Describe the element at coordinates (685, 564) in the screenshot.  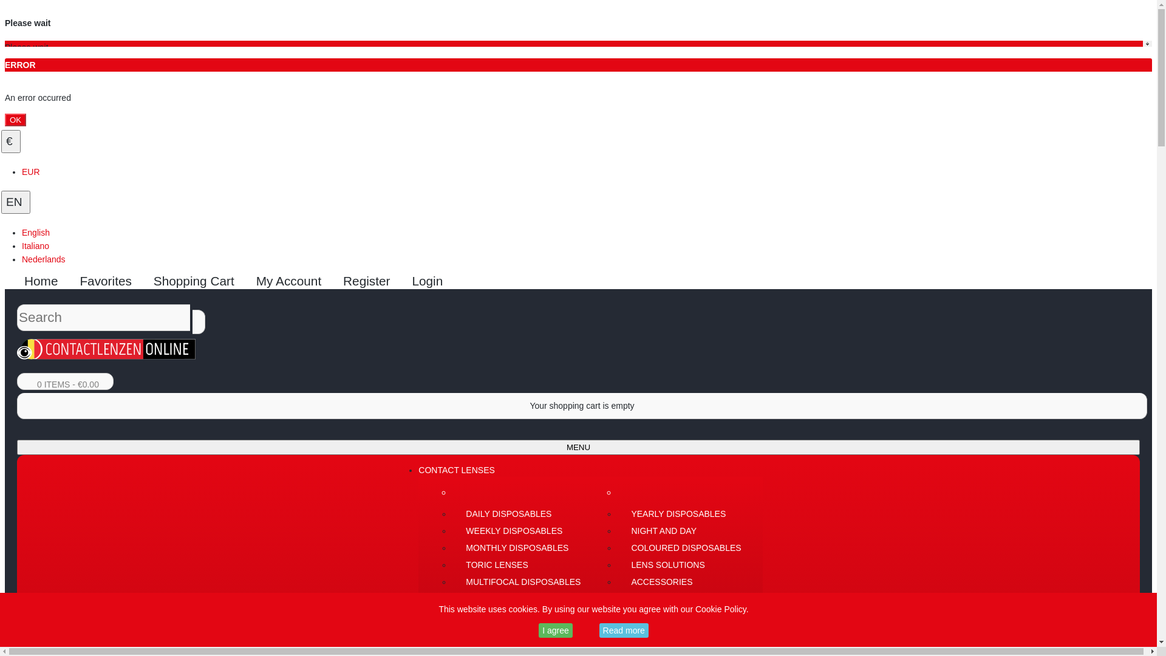
I see `'LENS SOLUTIONS'` at that location.